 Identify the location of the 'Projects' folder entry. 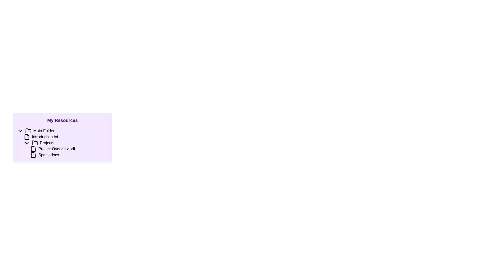
(62, 143).